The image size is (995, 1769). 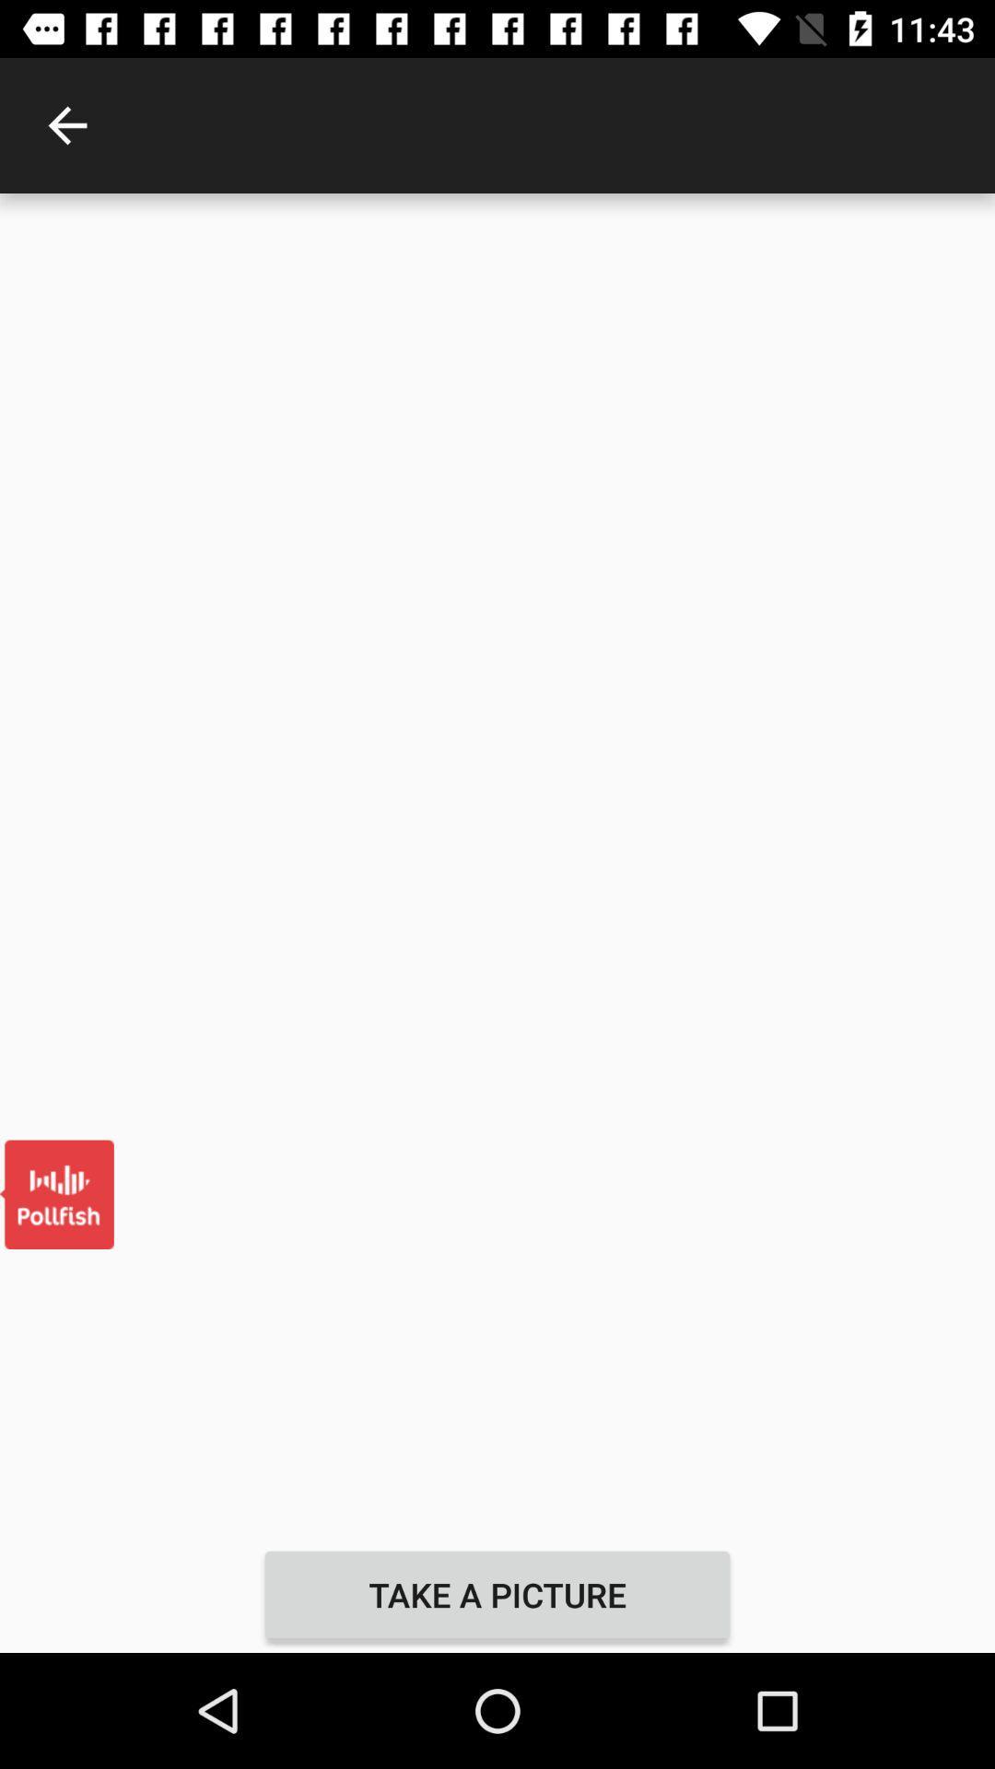 I want to click on the take a picture, so click(x=497, y=1594).